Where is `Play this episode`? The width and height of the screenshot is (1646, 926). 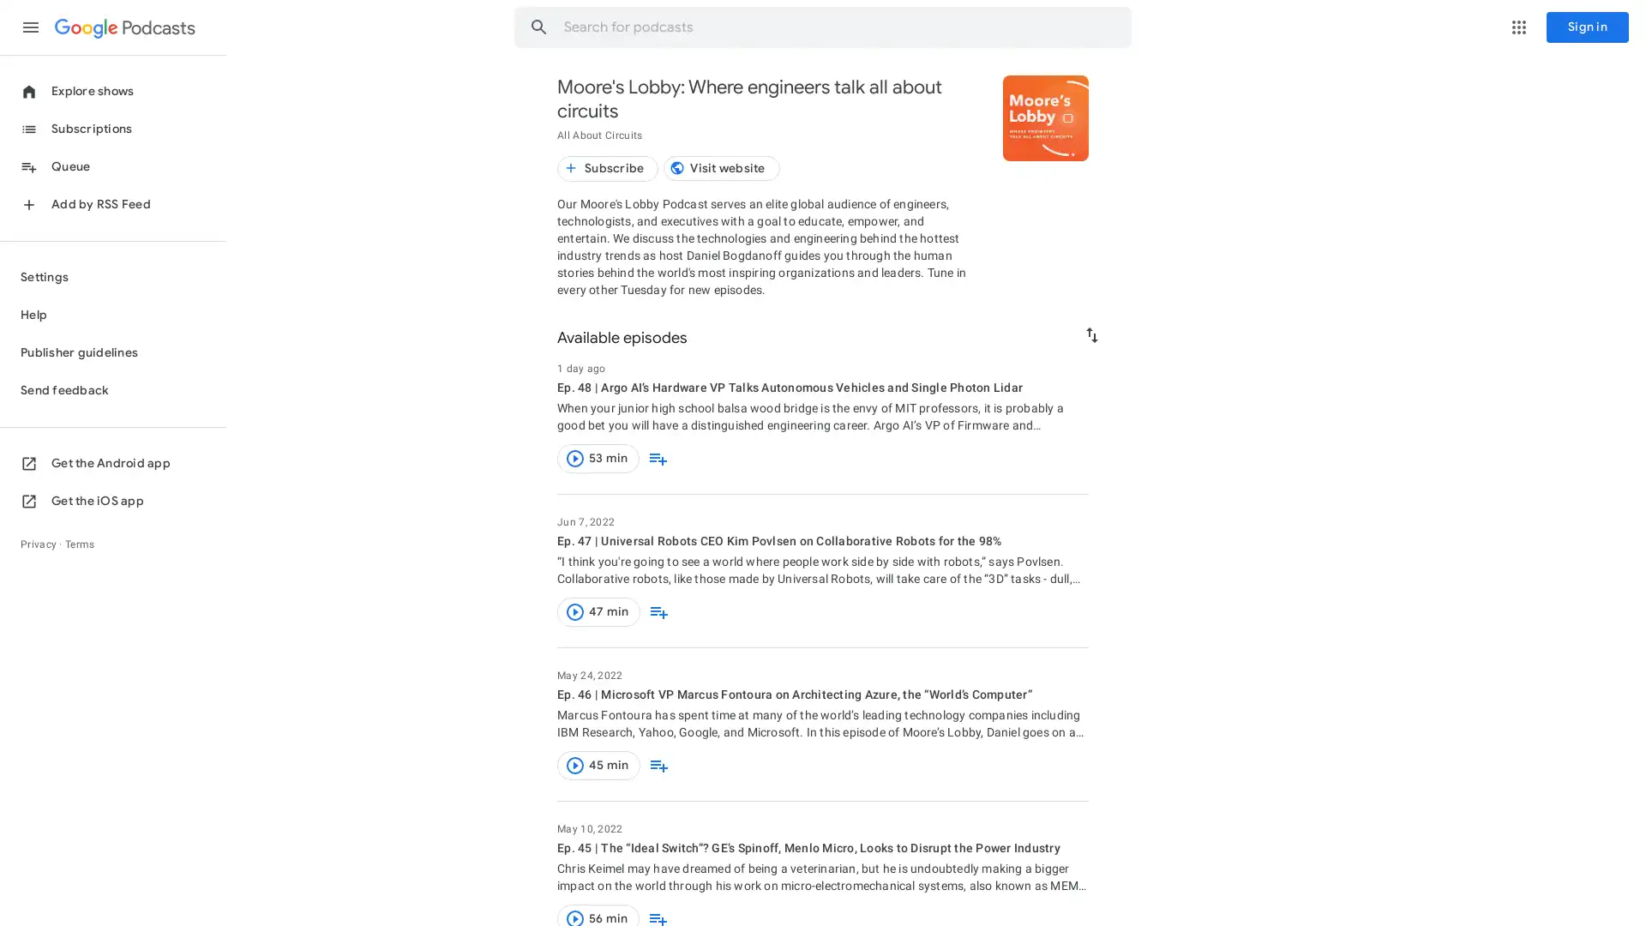 Play this episode is located at coordinates (575, 458).